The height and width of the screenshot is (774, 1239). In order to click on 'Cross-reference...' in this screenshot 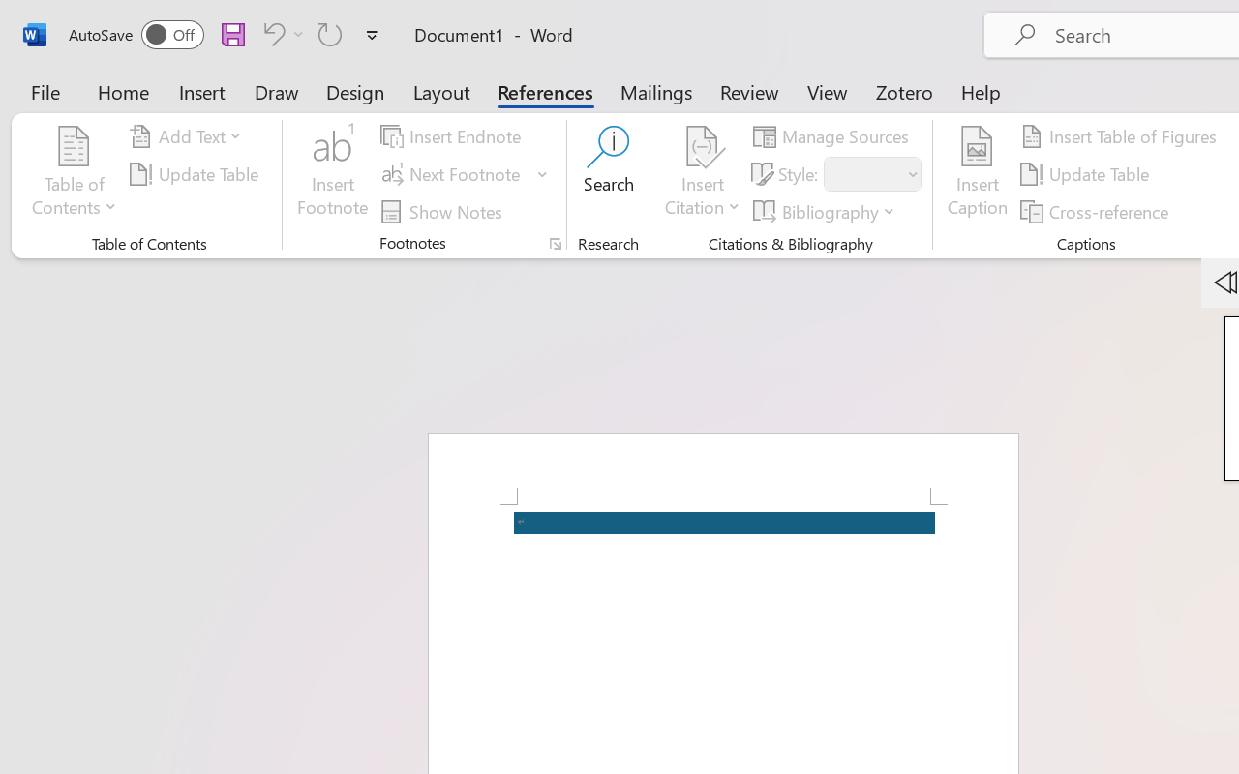, I will do `click(1098, 211)`.